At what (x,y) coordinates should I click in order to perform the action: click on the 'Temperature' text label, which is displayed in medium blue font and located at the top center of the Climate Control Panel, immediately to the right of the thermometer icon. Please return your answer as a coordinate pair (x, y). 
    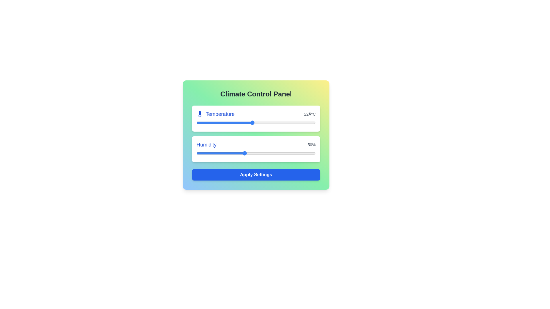
    Looking at the image, I should click on (215, 114).